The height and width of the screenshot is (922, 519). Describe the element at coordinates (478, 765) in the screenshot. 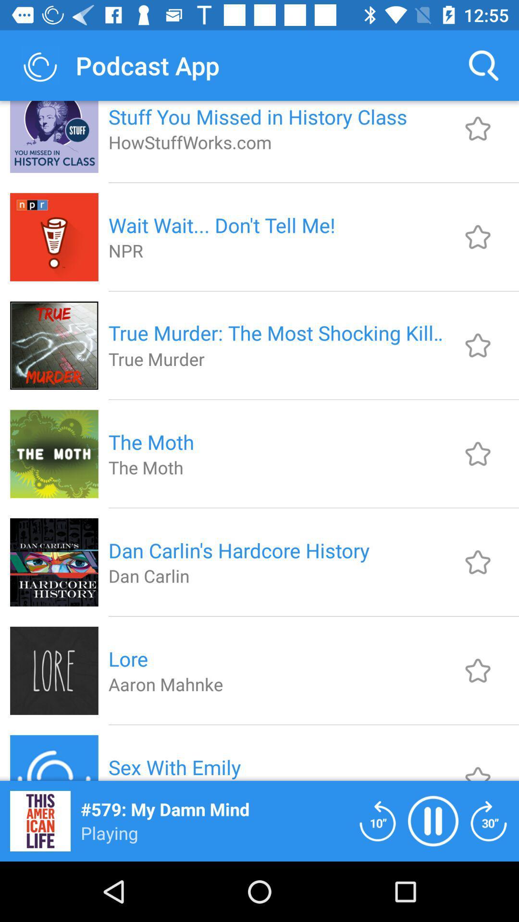

I see `item` at that location.